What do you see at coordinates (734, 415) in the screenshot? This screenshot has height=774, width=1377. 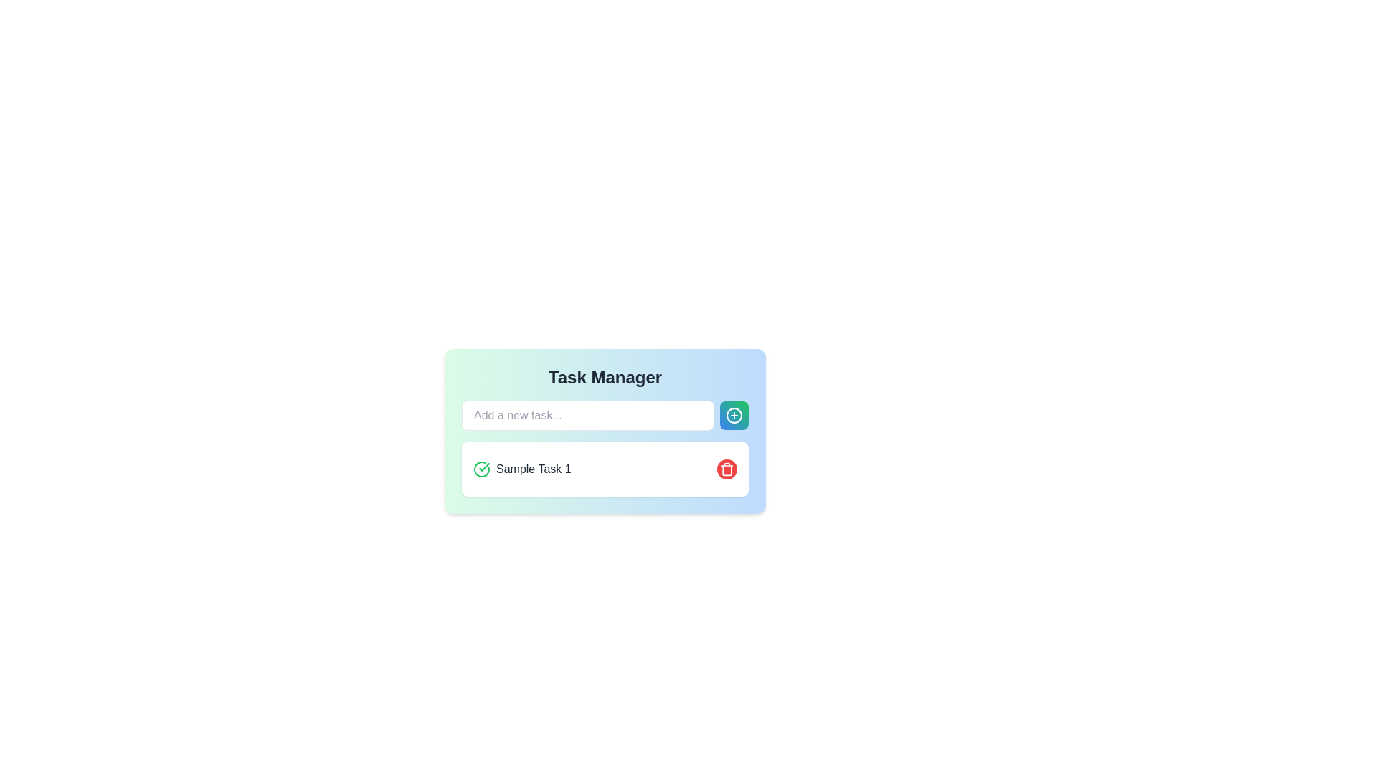 I see `the button located at the top-right section of the 'Task Manager' interface card` at bounding box center [734, 415].